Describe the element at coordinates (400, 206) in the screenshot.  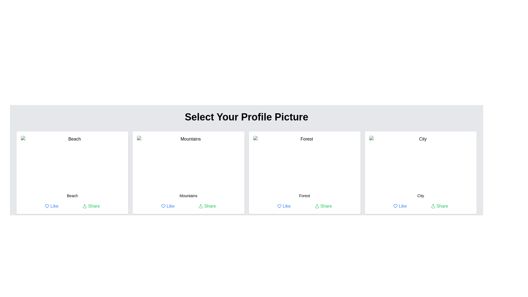
I see `the 'Like' button located directly under the 'City' title and image, aligned with the 'Share' button to its right` at that location.